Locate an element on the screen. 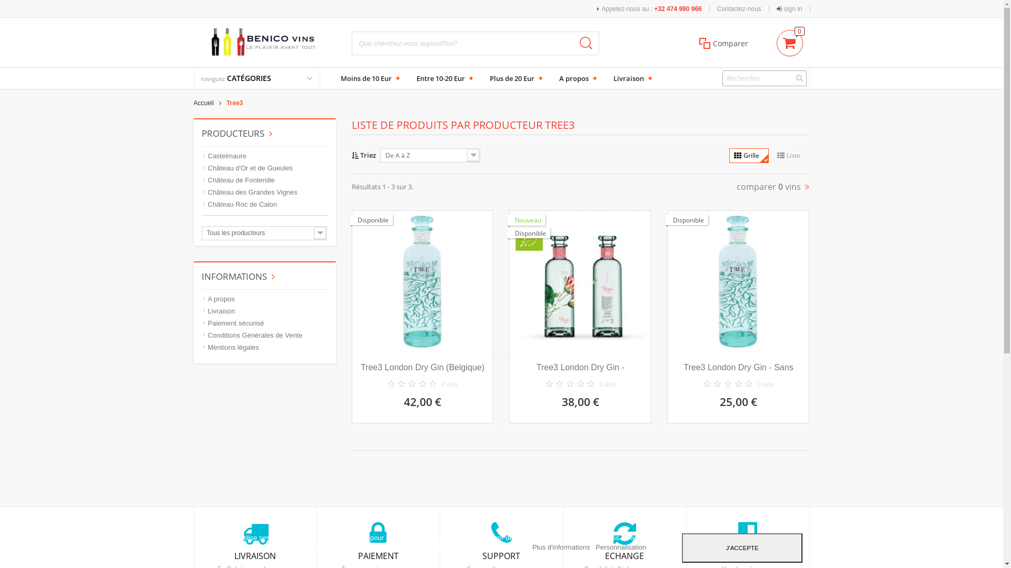  'Accueil' is located at coordinates (210, 103).